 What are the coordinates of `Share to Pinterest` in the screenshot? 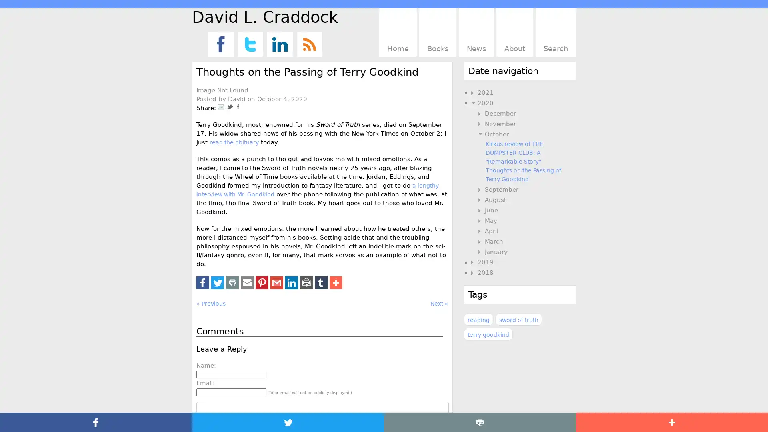 It's located at (262, 282).